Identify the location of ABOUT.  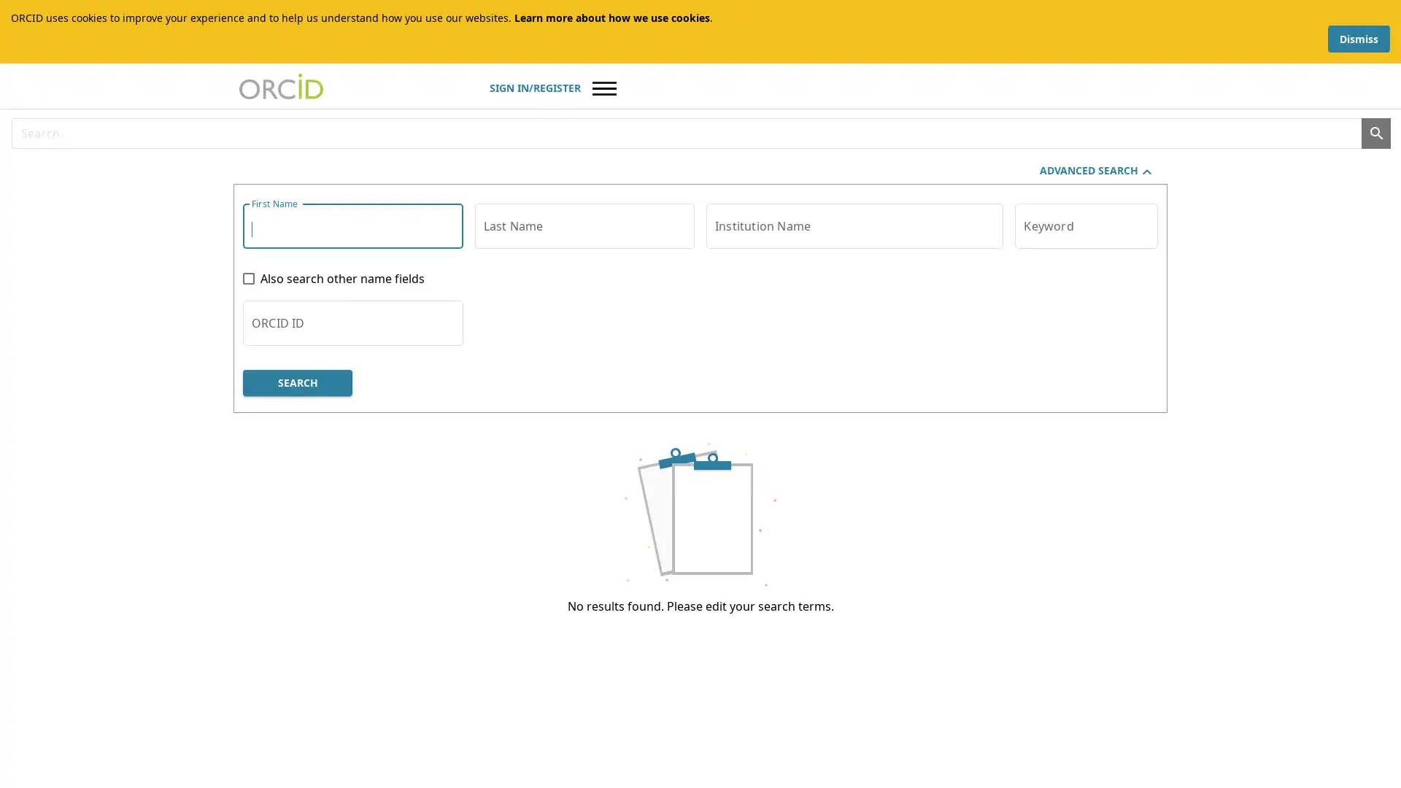
(269, 165).